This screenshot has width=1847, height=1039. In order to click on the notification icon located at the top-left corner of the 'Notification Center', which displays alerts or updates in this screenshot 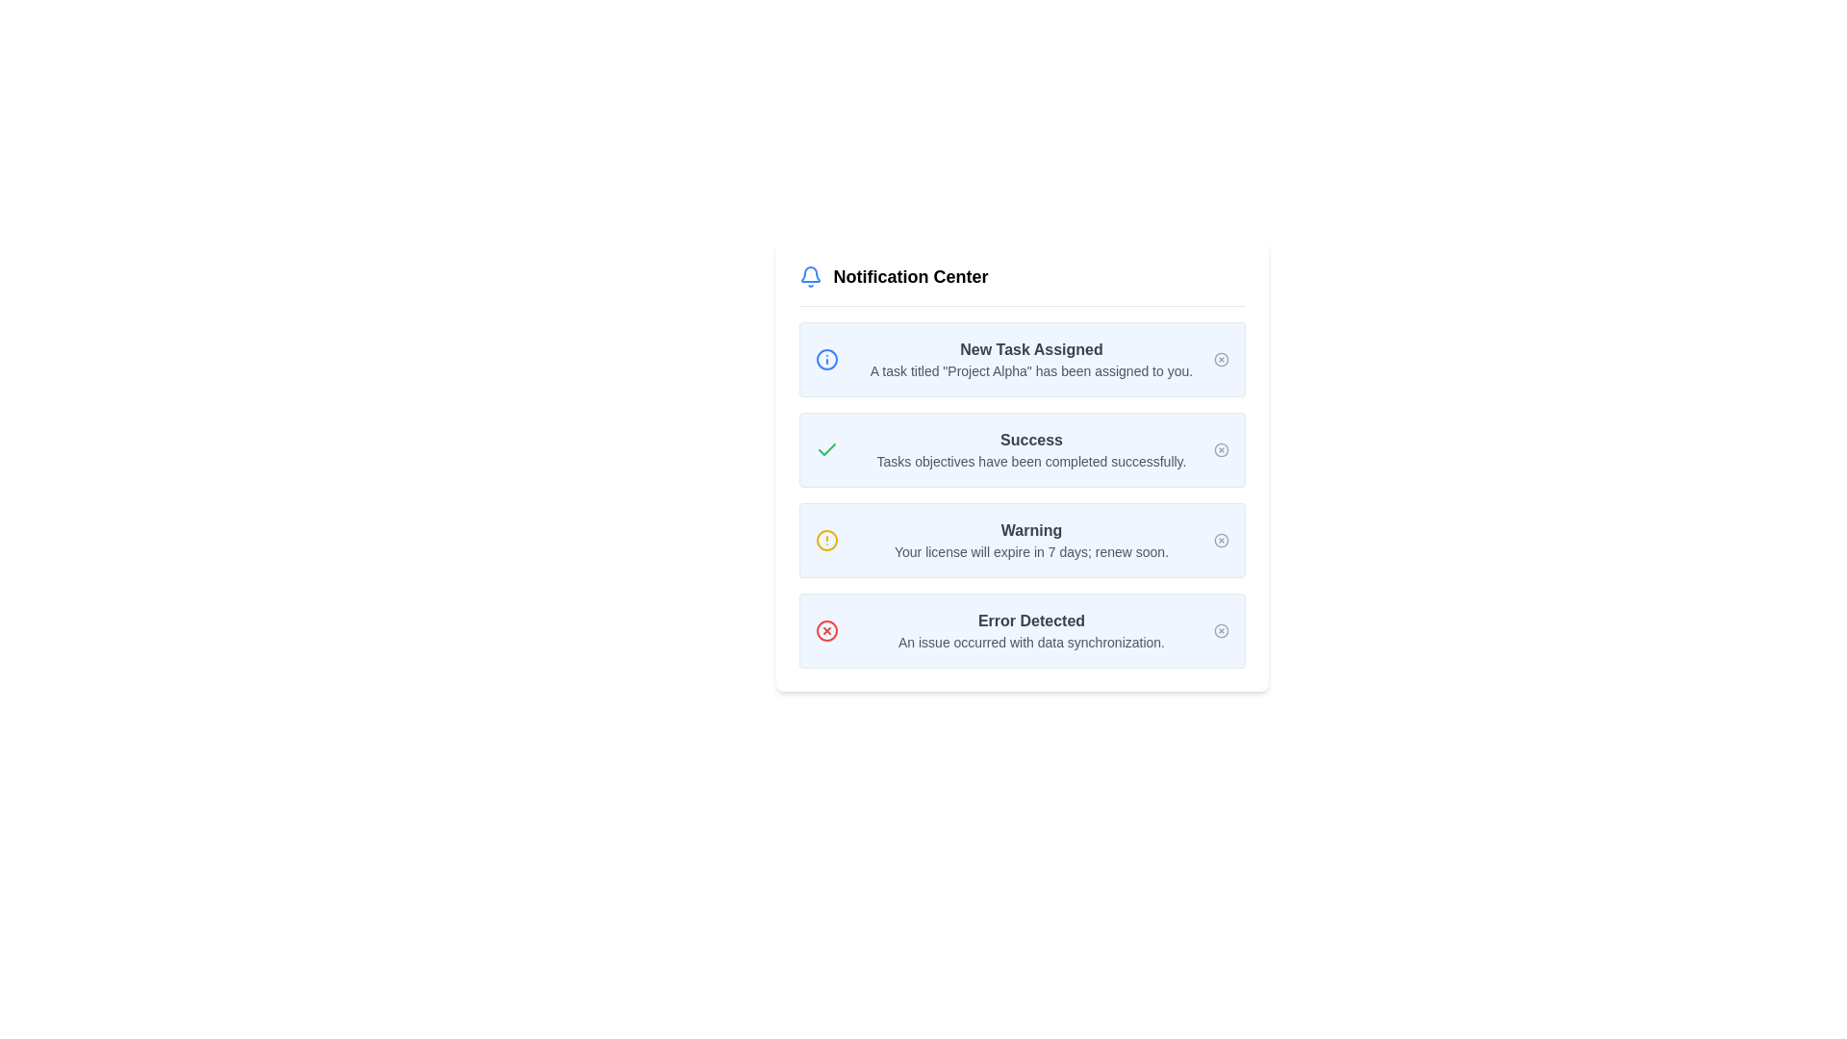, I will do `click(810, 277)`.